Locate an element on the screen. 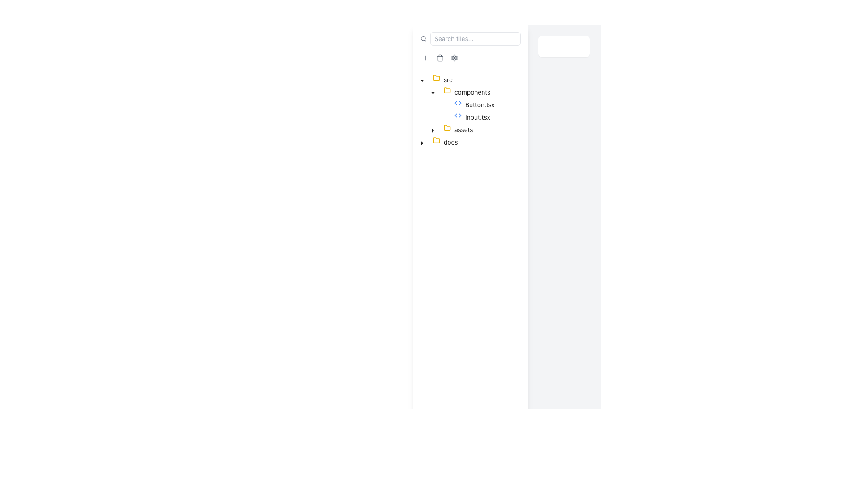  the toggle button is located at coordinates (422, 79).